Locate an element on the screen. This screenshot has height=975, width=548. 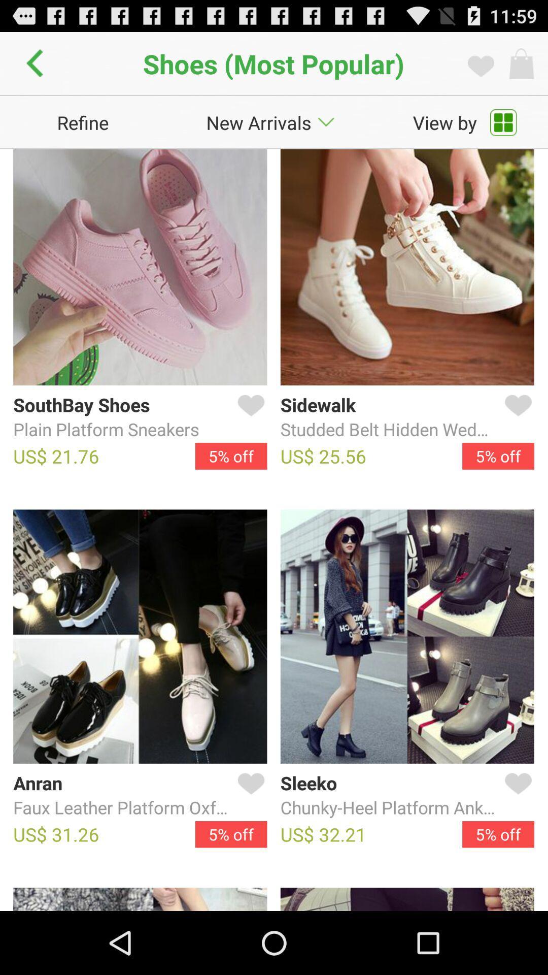
the icon right to text new arrivals is located at coordinates (326, 122).